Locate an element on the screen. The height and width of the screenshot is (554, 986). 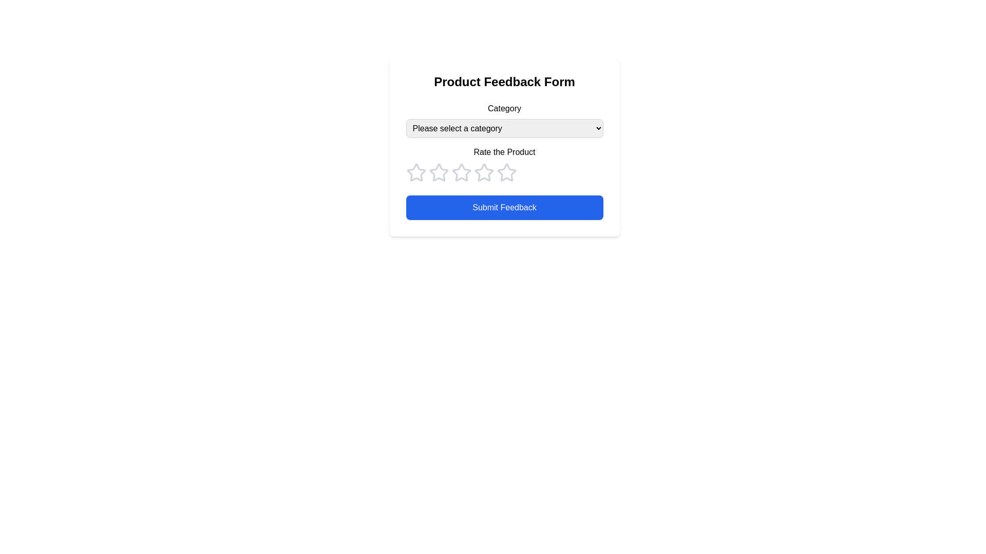
the third star icon in the rating component below the 'Rate the Product' label is located at coordinates (483, 172).